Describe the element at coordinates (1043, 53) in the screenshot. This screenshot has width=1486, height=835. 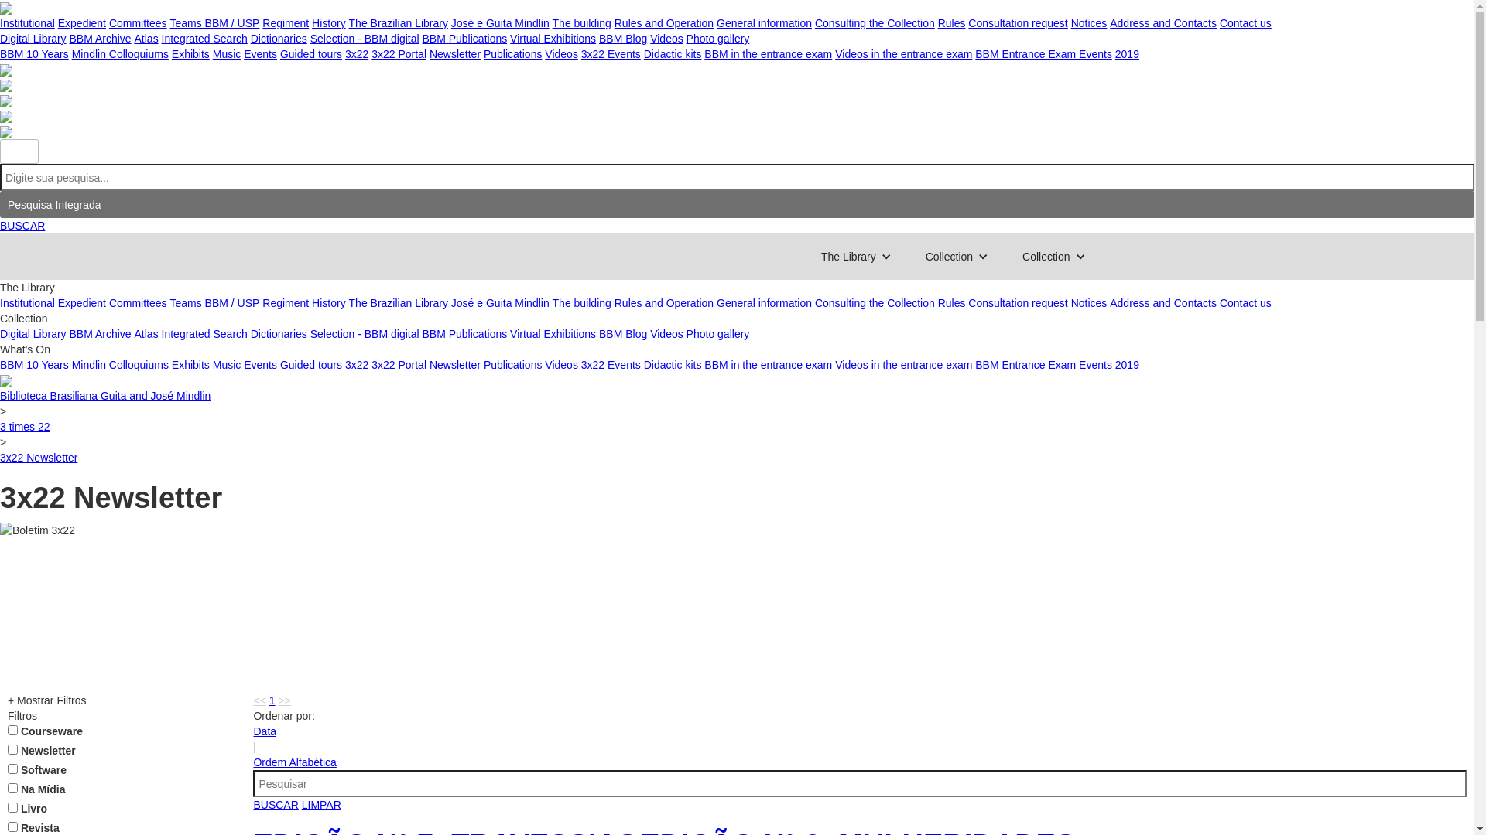
I see `'BBM Entrance Exam Events'` at that location.